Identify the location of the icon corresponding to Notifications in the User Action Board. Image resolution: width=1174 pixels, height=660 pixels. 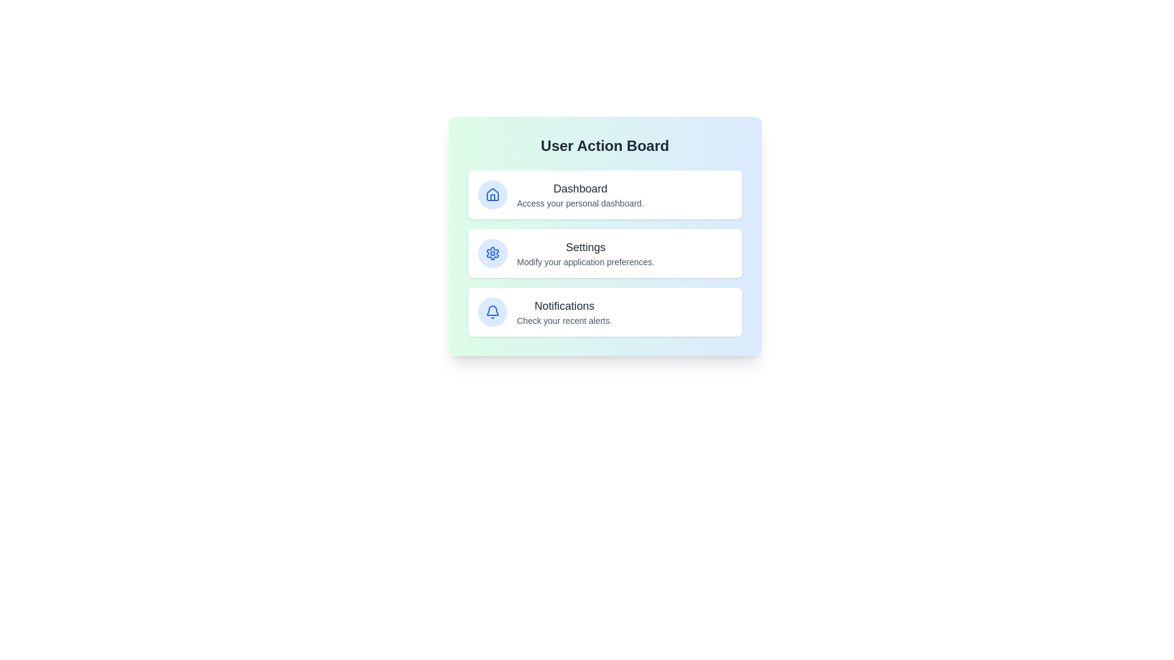
(492, 311).